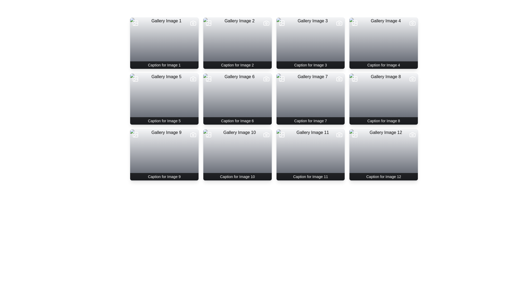 The width and height of the screenshot is (511, 287). What do you see at coordinates (310, 121) in the screenshot?
I see `the text label at the bottom of the gallery card labeled 'Gallery Image 7', which is located in the third row and second column of the grid layout` at bounding box center [310, 121].